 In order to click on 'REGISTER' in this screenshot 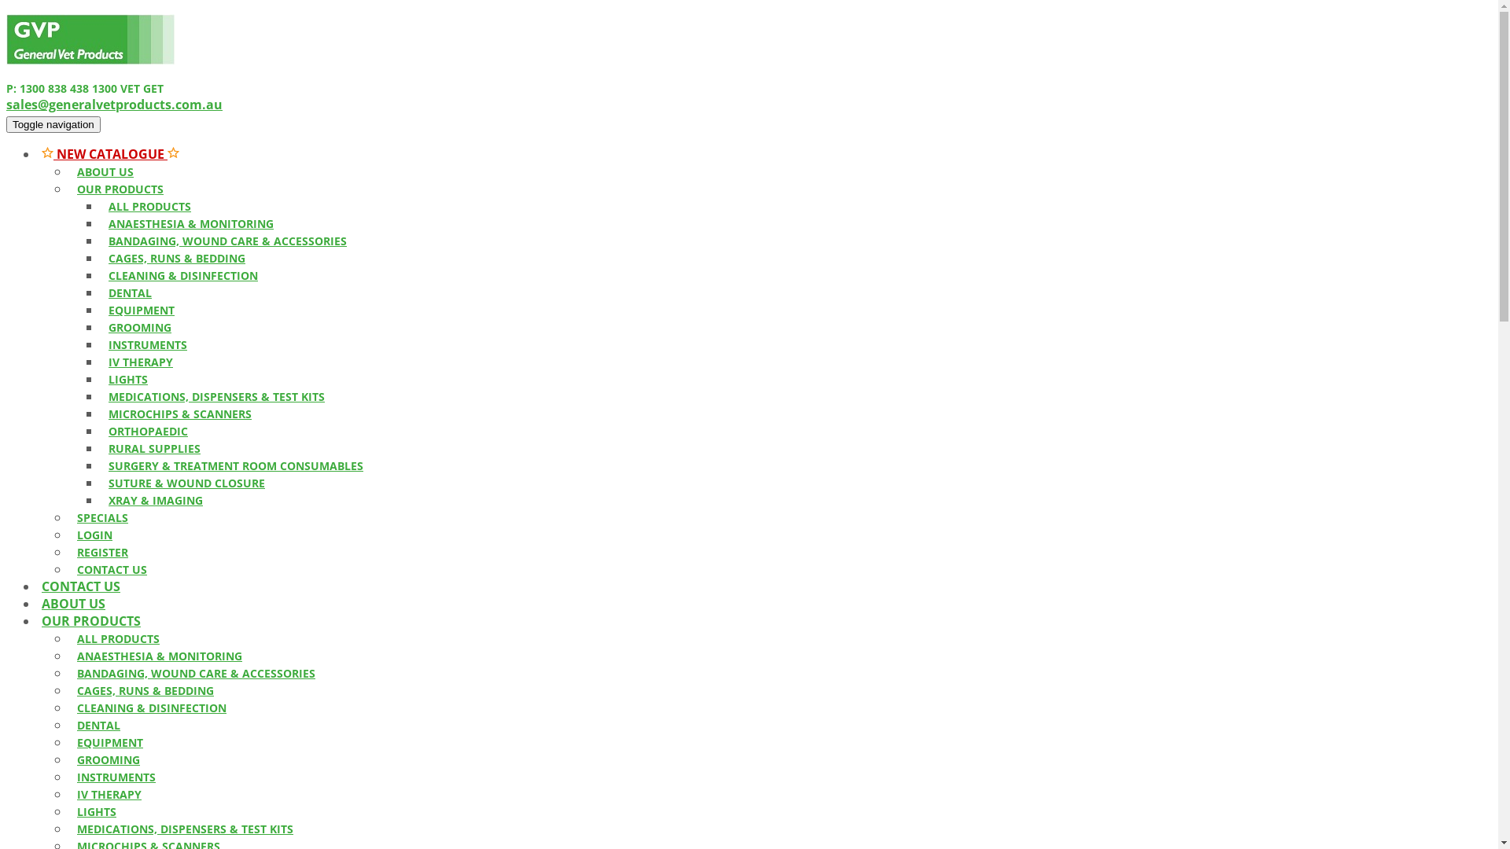, I will do `click(68, 551)`.